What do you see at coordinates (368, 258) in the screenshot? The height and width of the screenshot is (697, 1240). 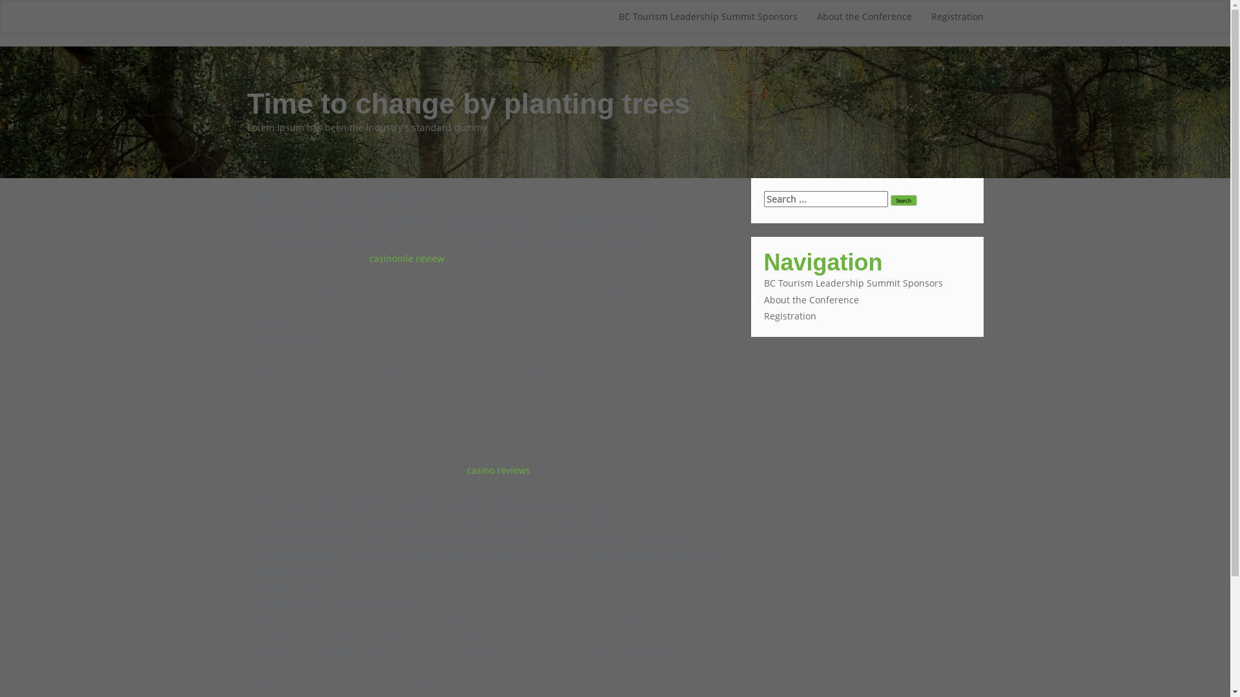 I see `'casinonile review'` at bounding box center [368, 258].